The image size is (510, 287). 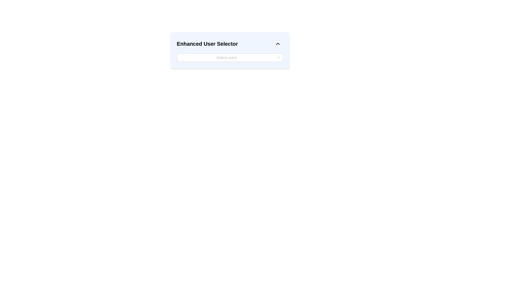 I want to click on the Chevron Icon button located in the top-right corner of the 'Enhanced User Selector' interface, so click(x=277, y=44).